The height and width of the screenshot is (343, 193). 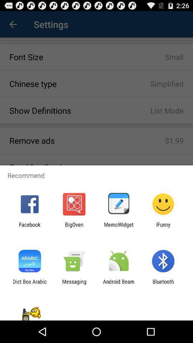 What do you see at coordinates (163, 227) in the screenshot?
I see `ifunny app` at bounding box center [163, 227].